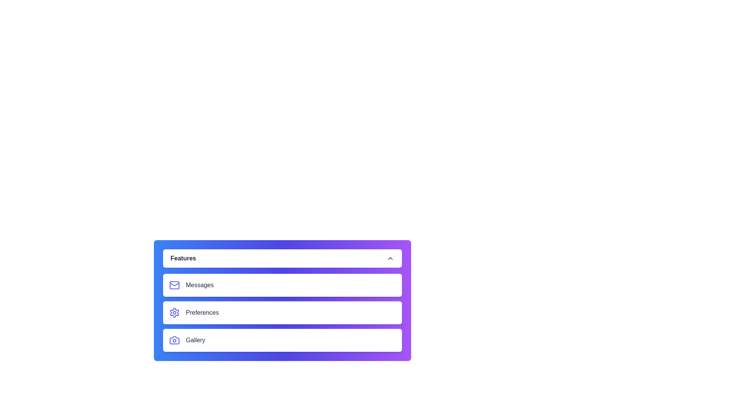 Image resolution: width=735 pixels, height=413 pixels. I want to click on the menu item Messages to select it, so click(282, 285).